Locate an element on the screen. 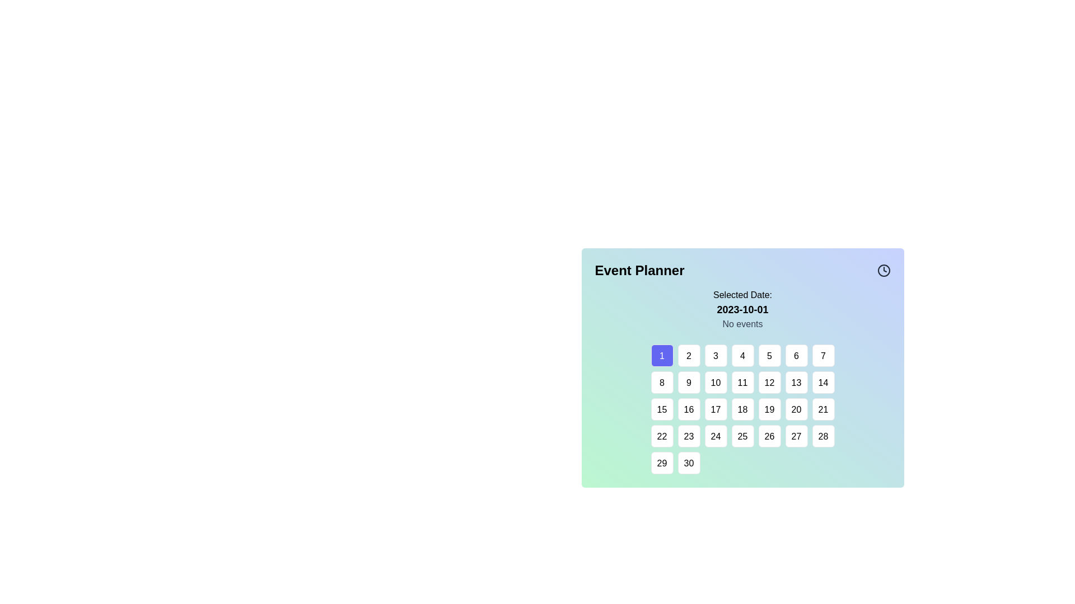 The height and width of the screenshot is (604, 1075). the square-shaped button displaying the number '15' in black text, which is located in the third row and first column of a grid layout is located at coordinates (662, 409).